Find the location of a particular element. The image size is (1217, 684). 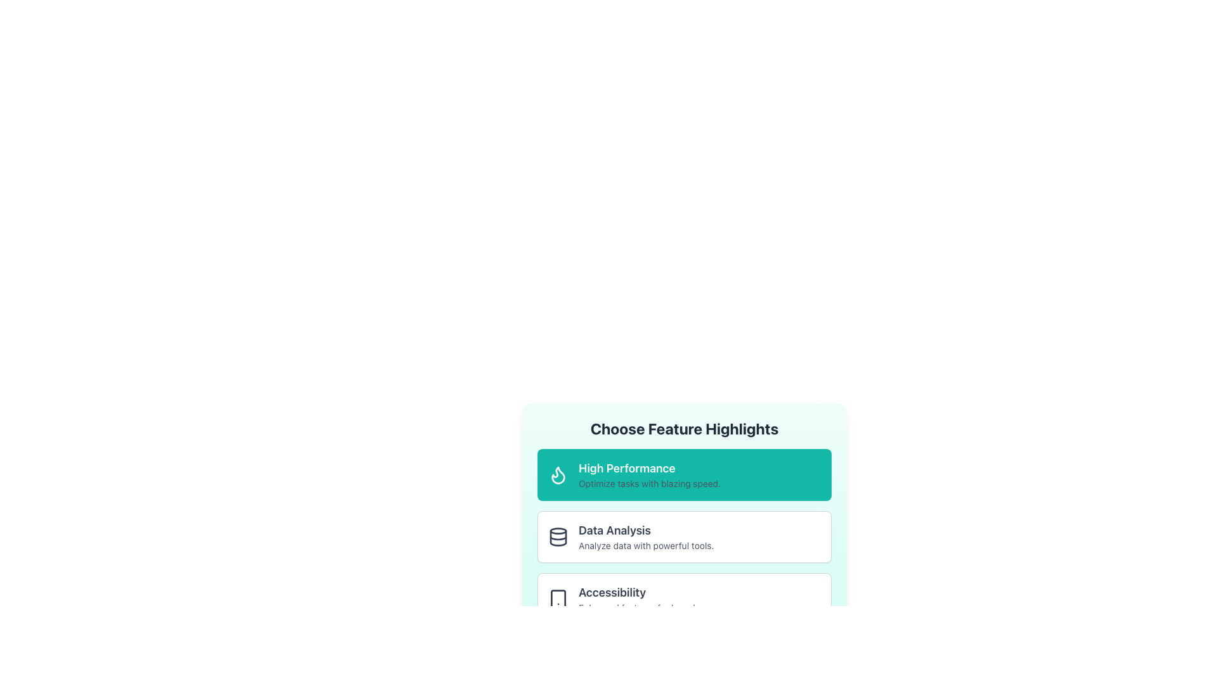

text label that displays 'Optimize tasks with blazing speed.' positioned under the 'High Performance' heading in a teal-colored rectangular area is located at coordinates (650, 483).